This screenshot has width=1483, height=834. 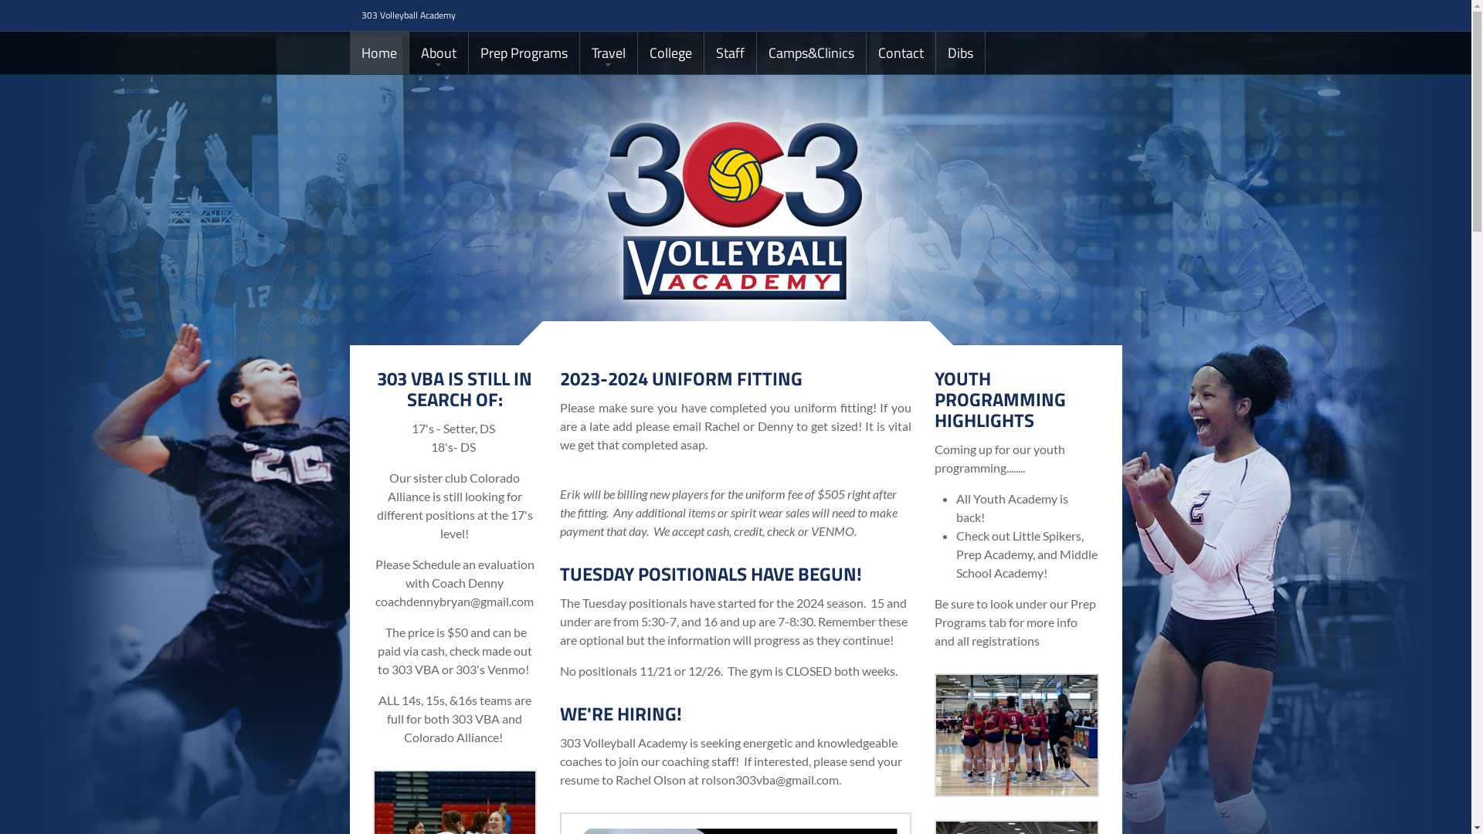 I want to click on 'About', so click(x=437, y=52).